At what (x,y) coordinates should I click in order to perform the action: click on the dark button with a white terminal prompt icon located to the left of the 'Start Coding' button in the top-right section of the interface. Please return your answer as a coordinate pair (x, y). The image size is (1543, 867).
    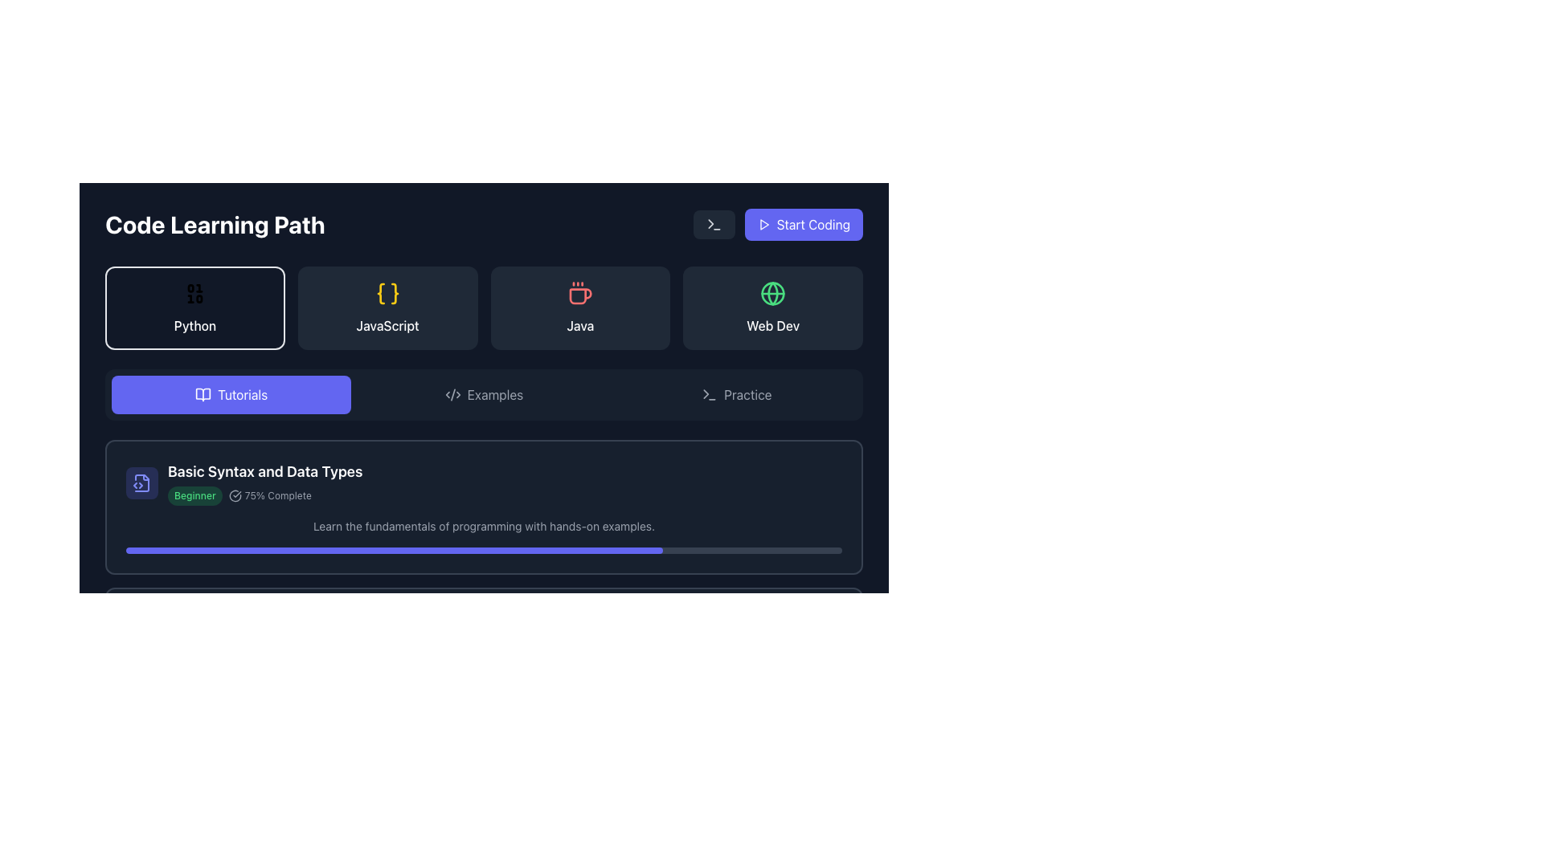
    Looking at the image, I should click on (713, 225).